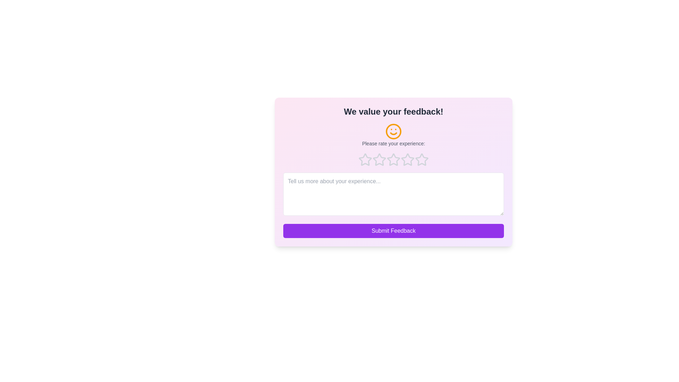 This screenshot has height=382, width=679. Describe the element at coordinates (422, 160) in the screenshot. I see `keyboard navigation` at that location.